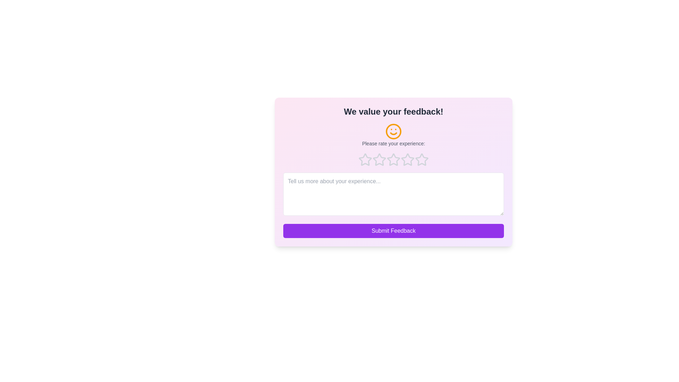 This screenshot has height=382, width=679. Describe the element at coordinates (422, 160) in the screenshot. I see `keyboard navigation` at that location.